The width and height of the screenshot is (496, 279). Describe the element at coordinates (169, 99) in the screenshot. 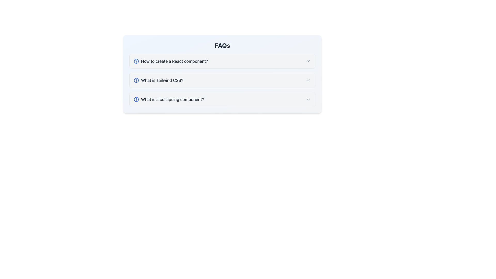

I see `the text "What is a collapsing component?"` at that location.